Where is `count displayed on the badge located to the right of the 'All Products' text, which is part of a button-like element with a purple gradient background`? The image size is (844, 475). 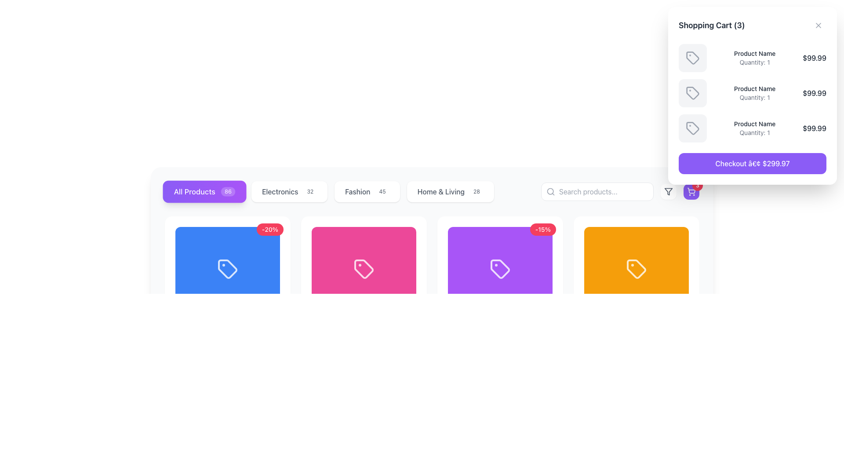
count displayed on the badge located to the right of the 'All Products' text, which is part of a button-like element with a purple gradient background is located at coordinates (228, 191).